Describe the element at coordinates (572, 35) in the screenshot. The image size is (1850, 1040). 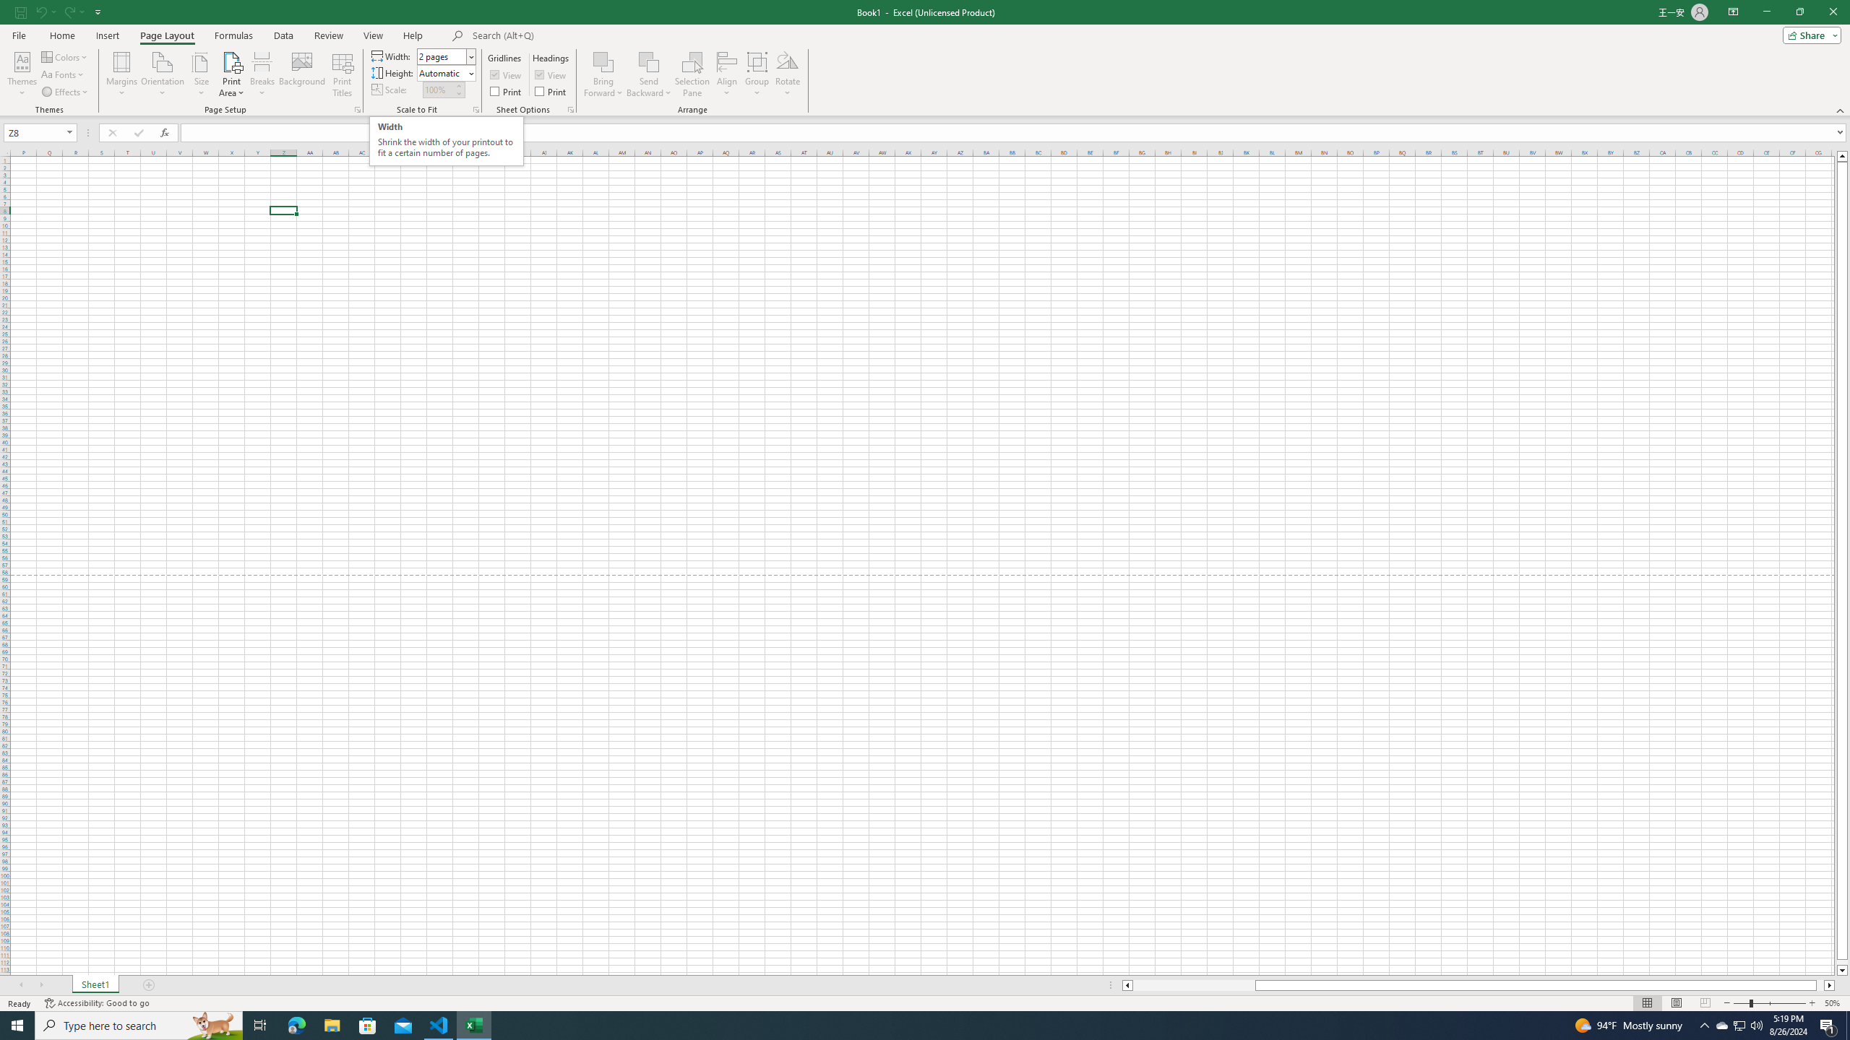
I see `'Microsoft search'` at that location.